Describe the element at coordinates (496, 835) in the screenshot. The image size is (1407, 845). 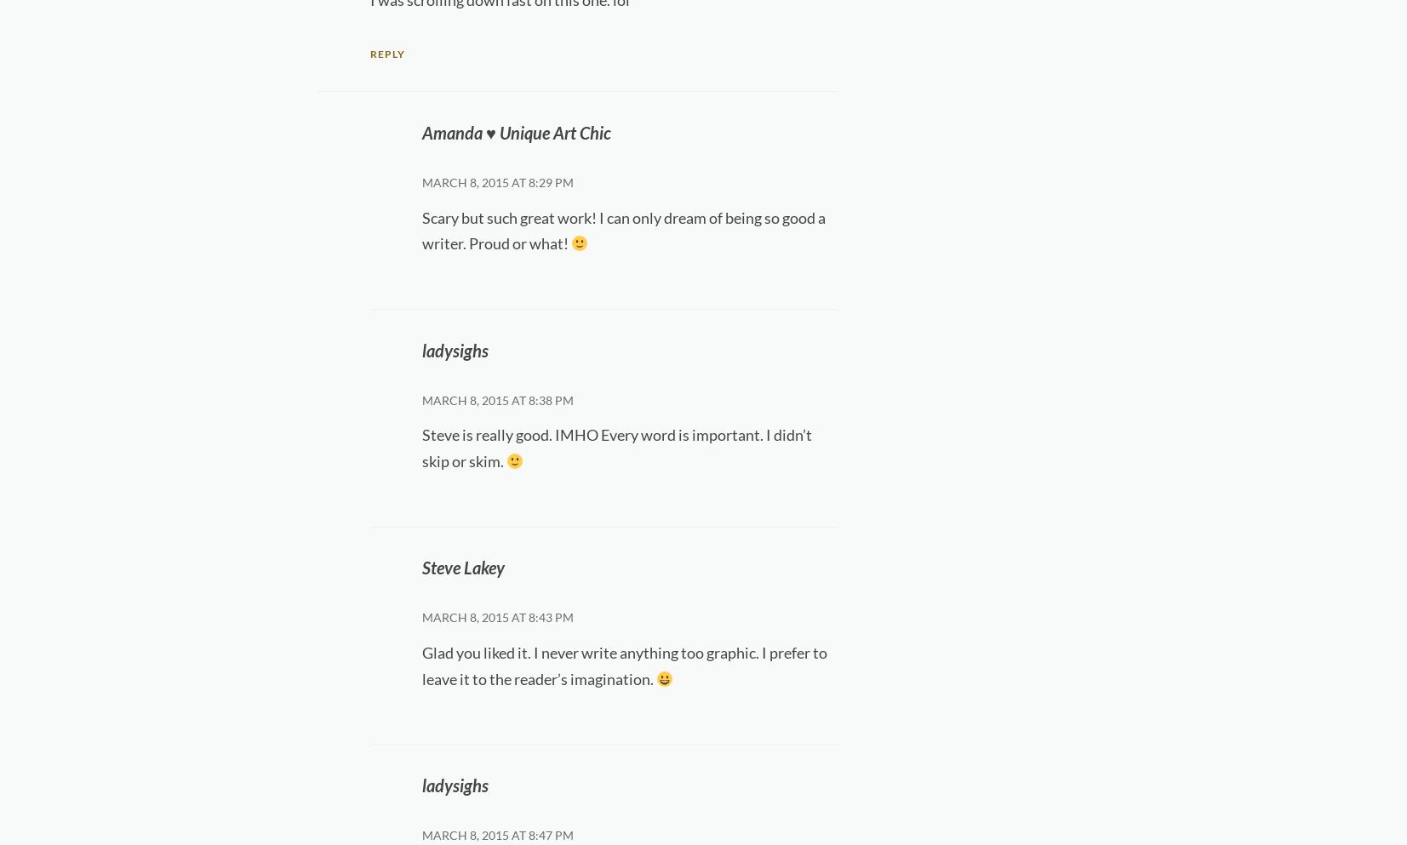
I see `'March 8, 2015 at 8:47 pm'` at that location.